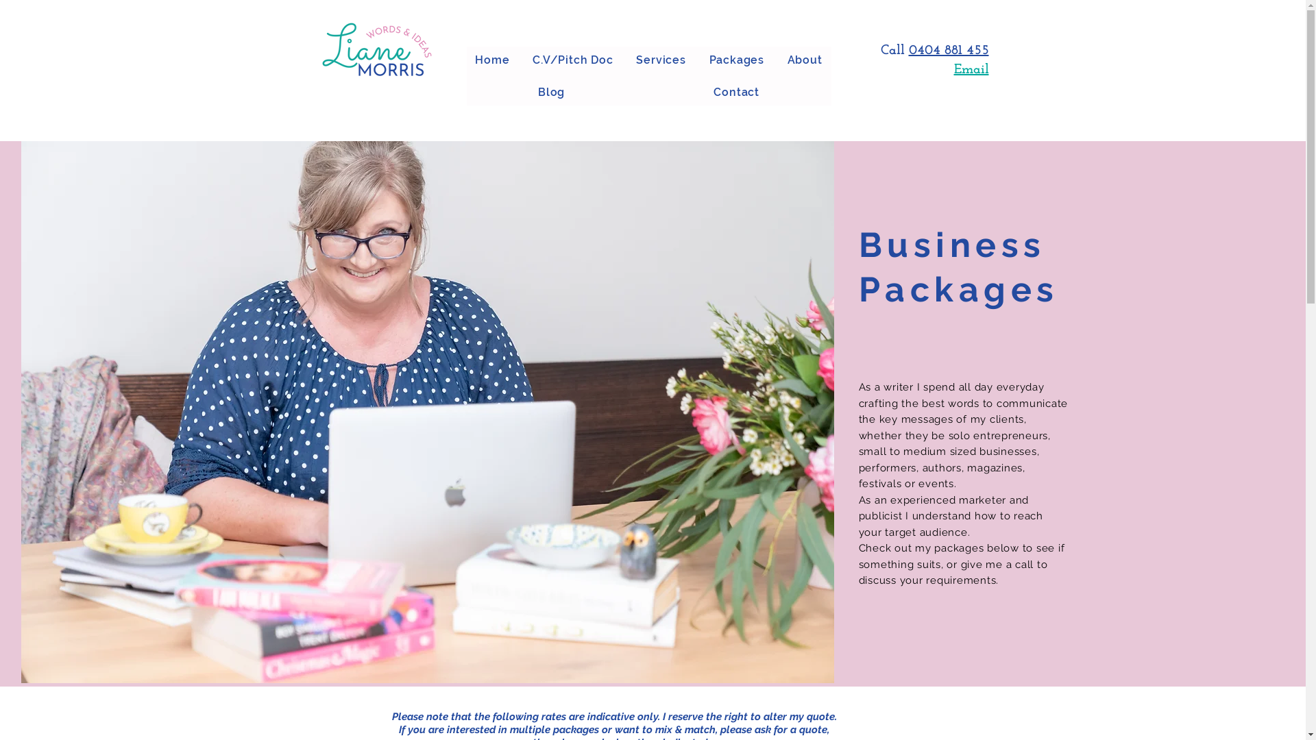 The height and width of the screenshot is (740, 1316). Describe the element at coordinates (736, 92) in the screenshot. I see `'Contact'` at that location.